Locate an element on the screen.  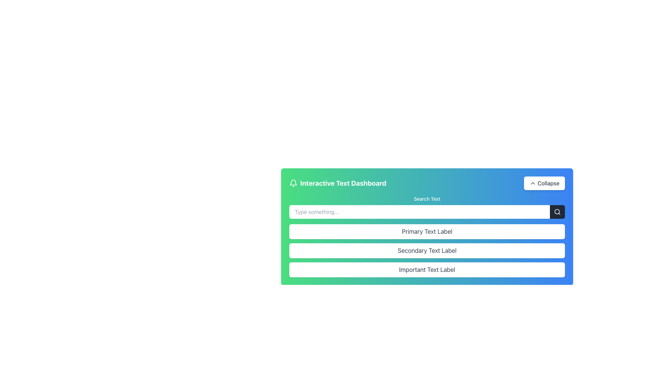
the SVG Circle element that visually represents a magnifying glass lens, which is part of a search icon located towards the right side of the search input field is located at coordinates (557, 211).